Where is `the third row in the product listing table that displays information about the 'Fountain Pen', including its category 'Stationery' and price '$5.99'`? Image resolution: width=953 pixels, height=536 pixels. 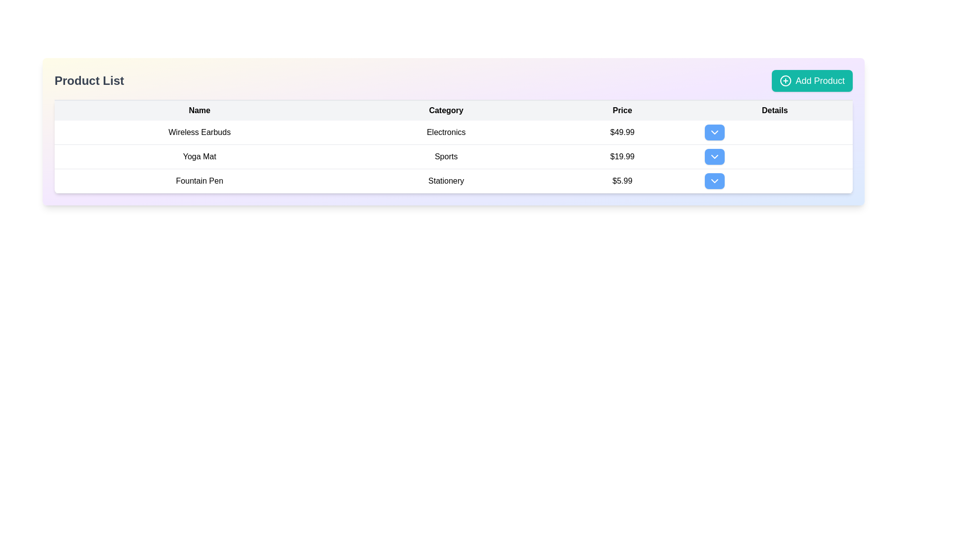
the third row in the product listing table that displays information about the 'Fountain Pen', including its category 'Stationery' and price '$5.99' is located at coordinates (453, 181).